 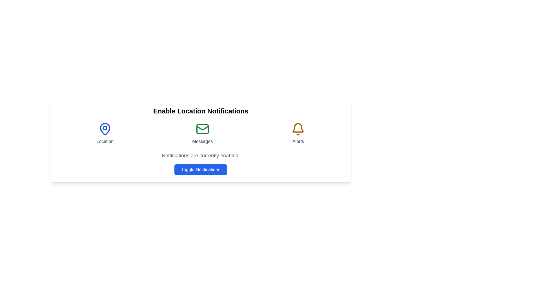 I want to click on text of the label that describes the message-related functionality located between a green mail icon and the 'Notifications are currently enabled' label, so click(x=202, y=141).